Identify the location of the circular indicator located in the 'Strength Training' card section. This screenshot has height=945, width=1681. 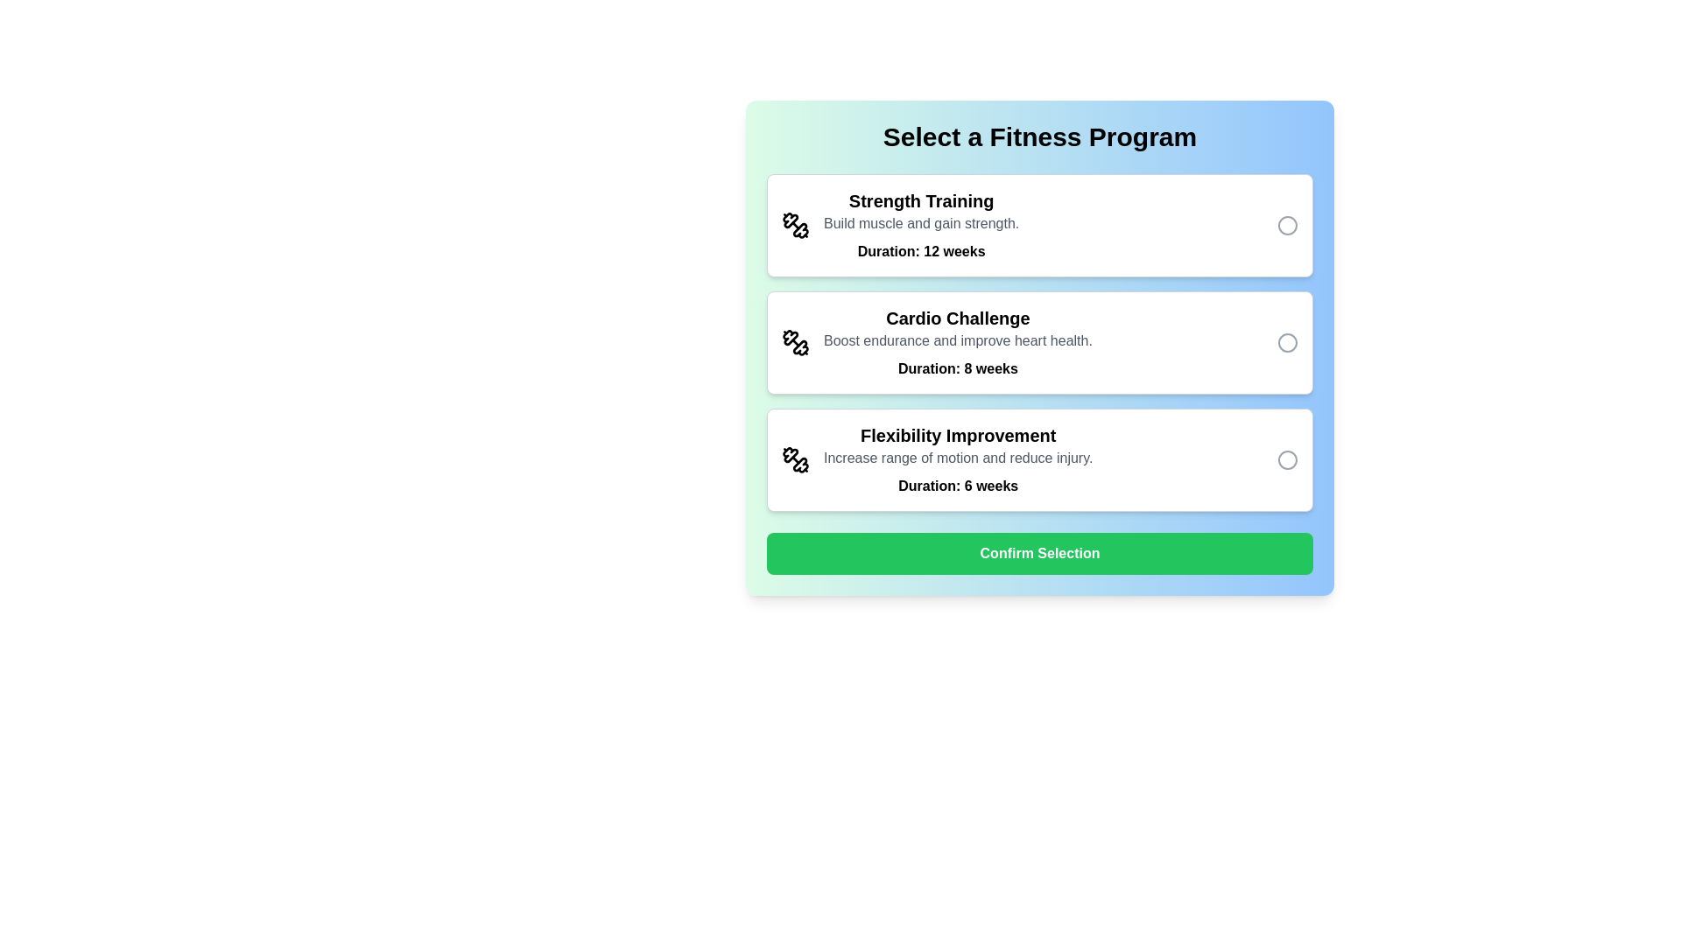
(1287, 225).